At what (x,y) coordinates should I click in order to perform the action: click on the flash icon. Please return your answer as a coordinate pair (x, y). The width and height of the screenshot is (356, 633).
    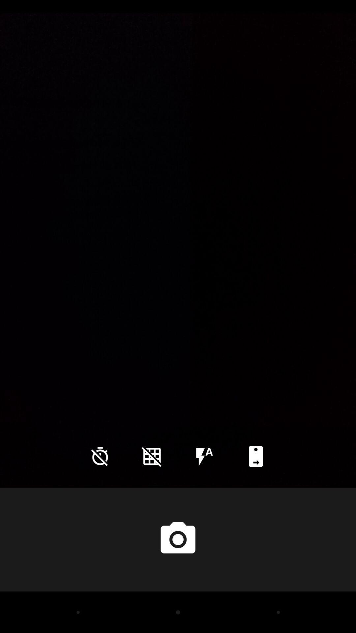
    Looking at the image, I should click on (203, 456).